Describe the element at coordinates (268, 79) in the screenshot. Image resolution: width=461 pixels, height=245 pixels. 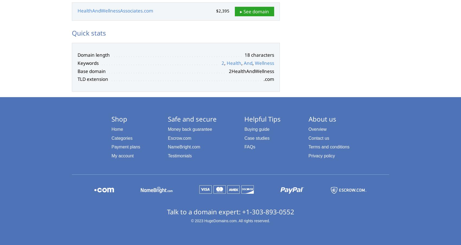
I see `'.com'` at that location.